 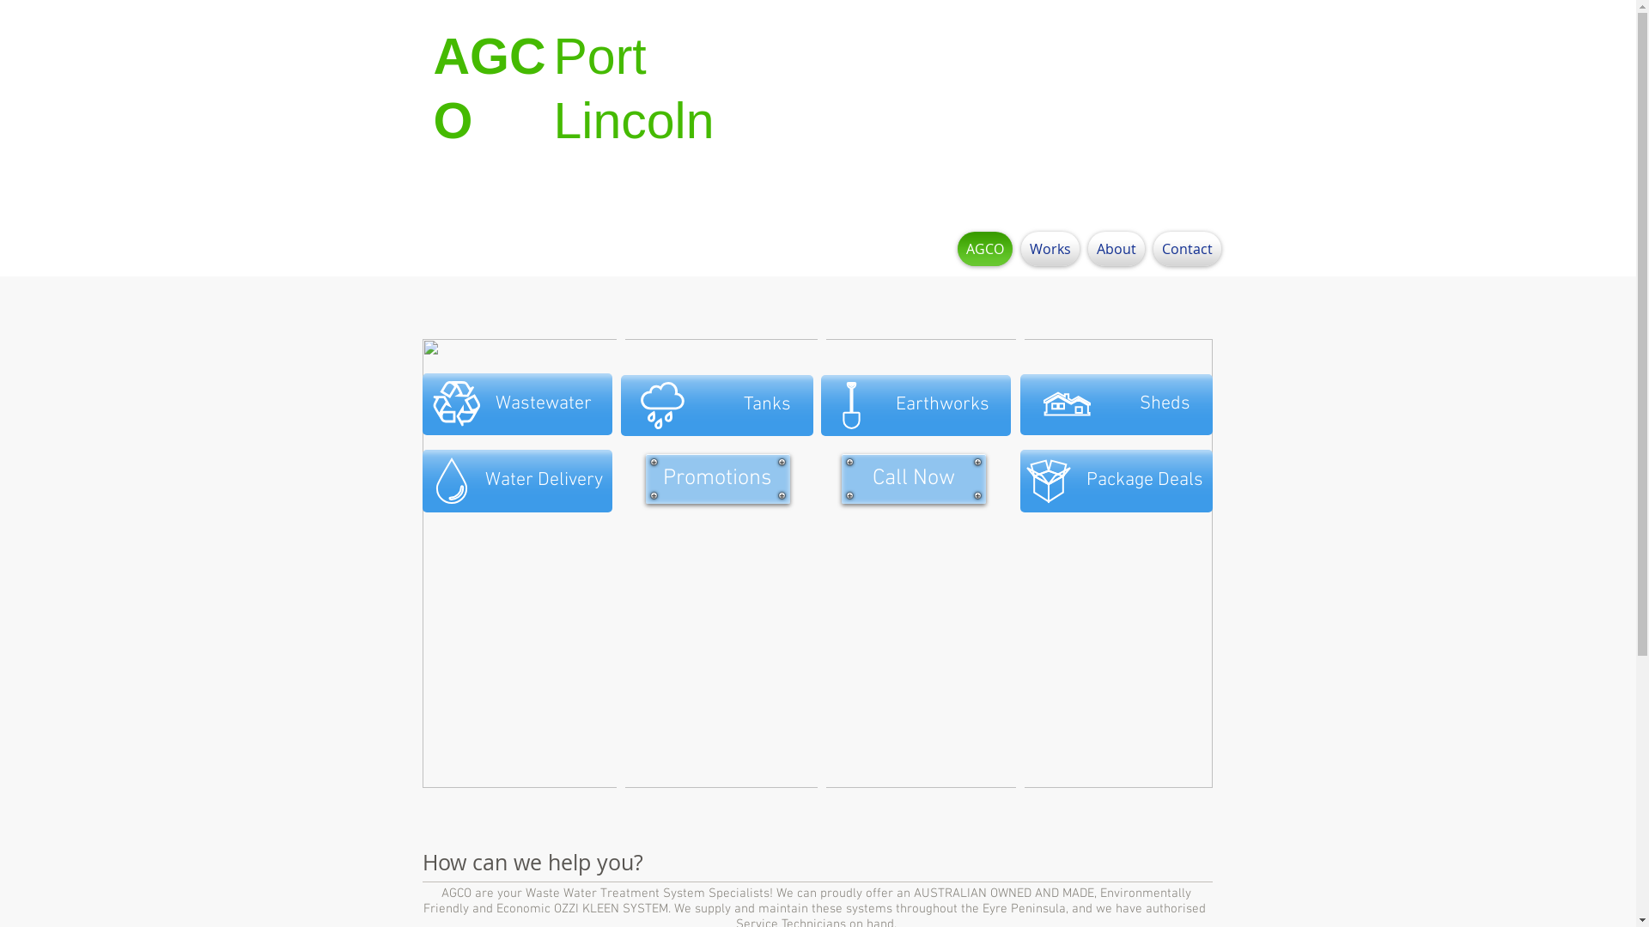 I want to click on 'Sheds', so click(x=1117, y=404).